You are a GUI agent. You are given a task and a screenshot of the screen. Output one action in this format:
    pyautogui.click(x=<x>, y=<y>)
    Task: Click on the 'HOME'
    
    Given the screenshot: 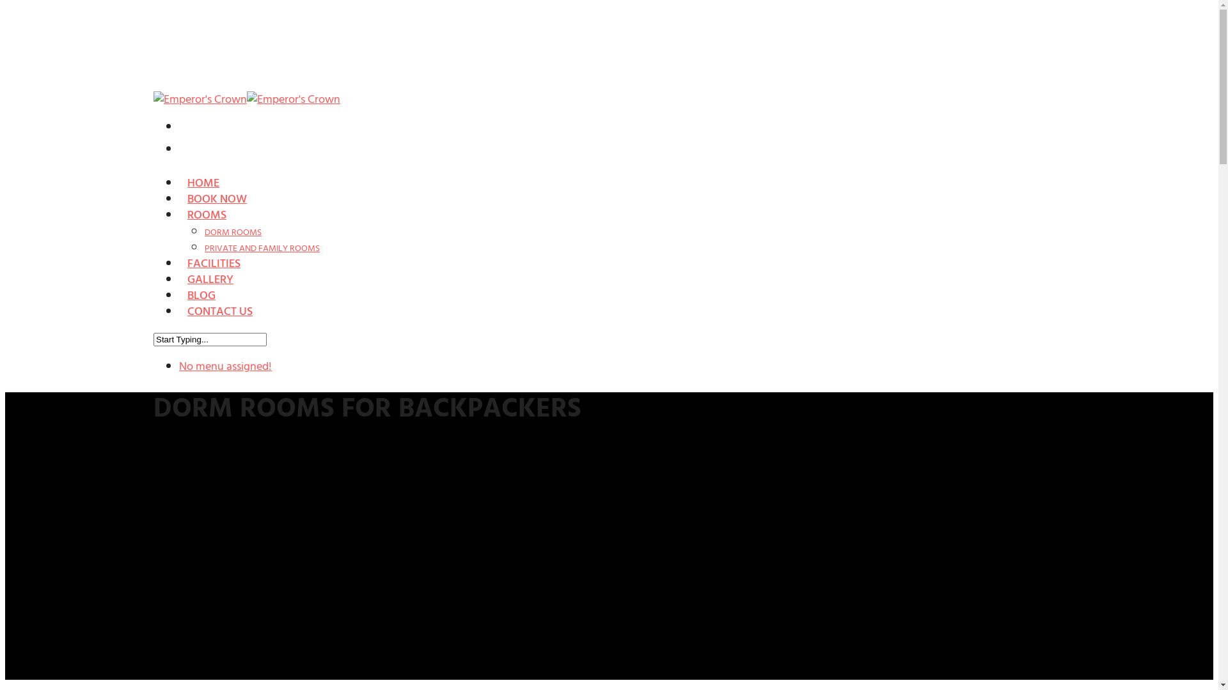 What is the action you would take?
    pyautogui.click(x=178, y=191)
    